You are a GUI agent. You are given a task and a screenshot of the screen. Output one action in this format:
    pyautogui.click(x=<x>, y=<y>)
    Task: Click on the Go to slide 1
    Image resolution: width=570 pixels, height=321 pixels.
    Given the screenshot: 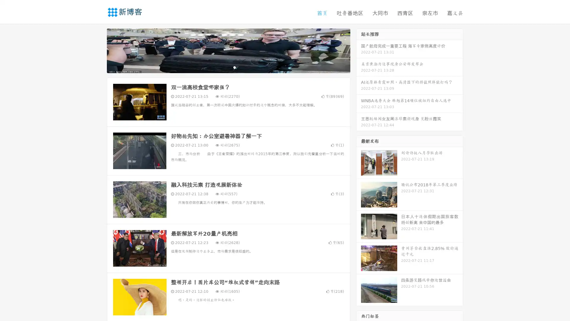 What is the action you would take?
    pyautogui.click(x=222, y=67)
    